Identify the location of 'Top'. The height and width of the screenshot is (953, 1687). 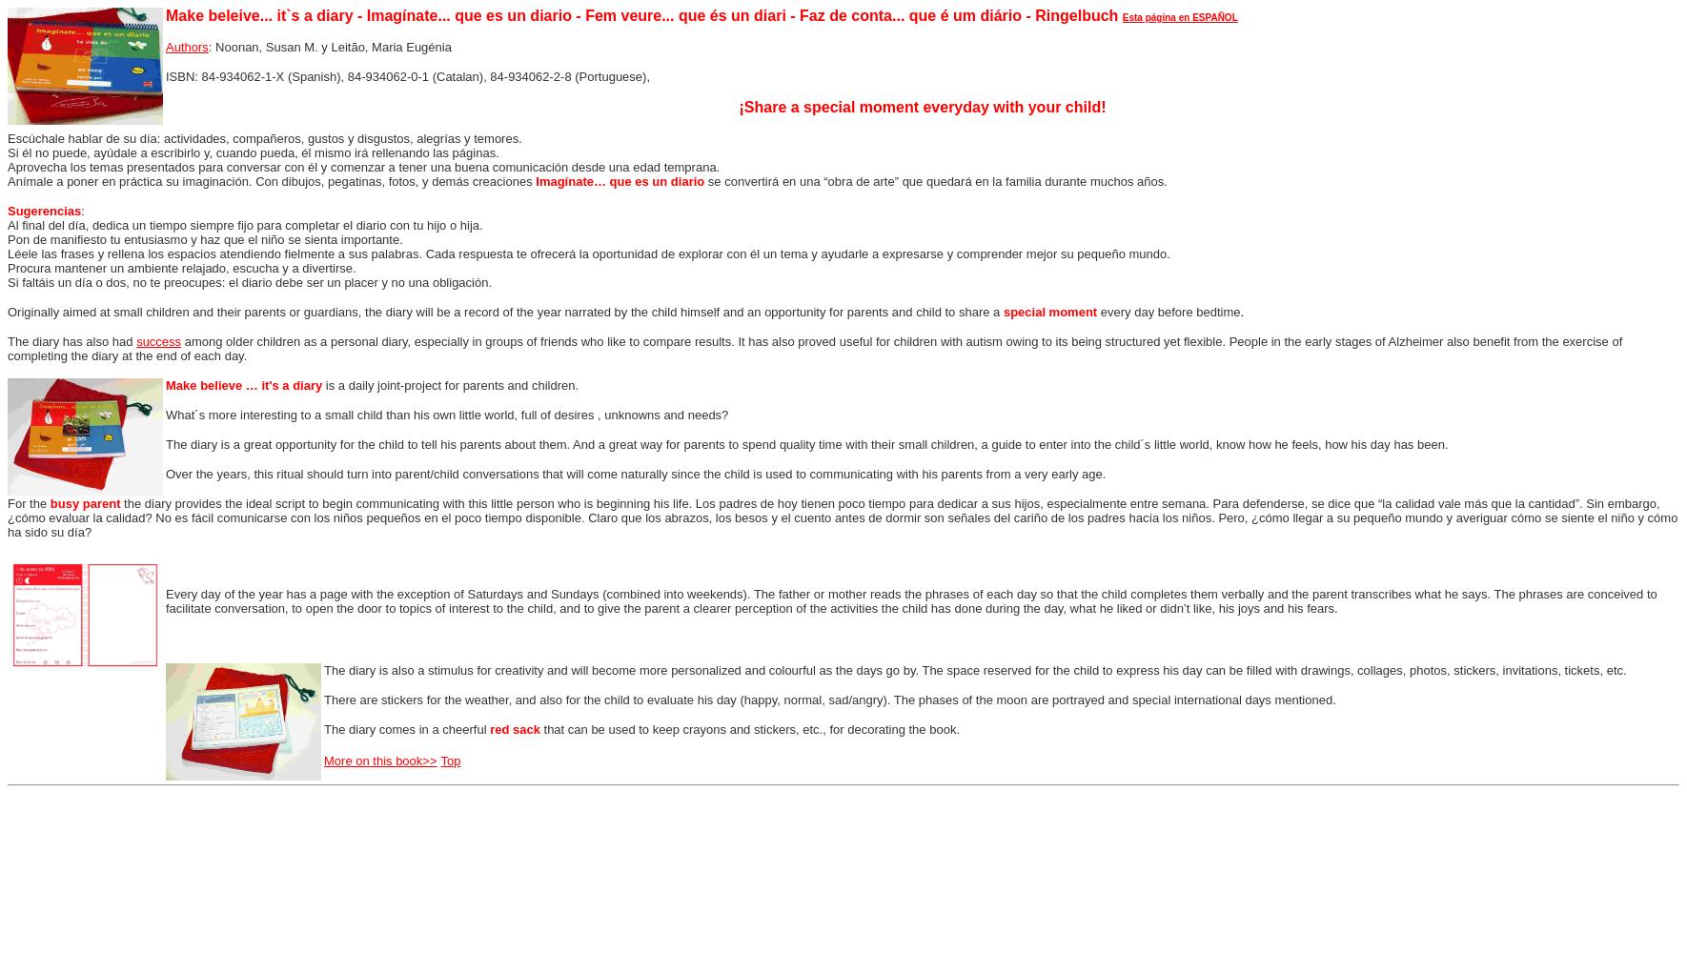
(439, 760).